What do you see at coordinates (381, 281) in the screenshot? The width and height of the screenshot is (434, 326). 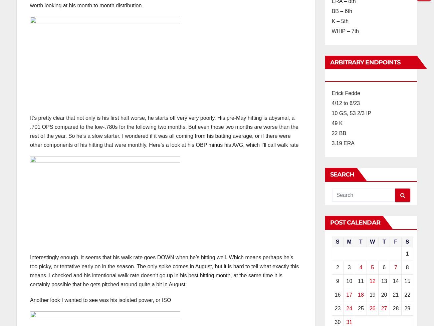 I see `'13'` at bounding box center [381, 281].